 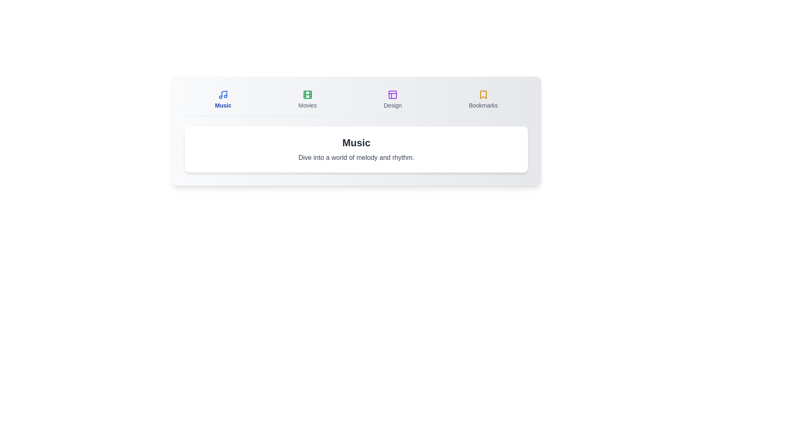 What do you see at coordinates (483, 99) in the screenshot?
I see `the tab icon labeled Bookmarks` at bounding box center [483, 99].